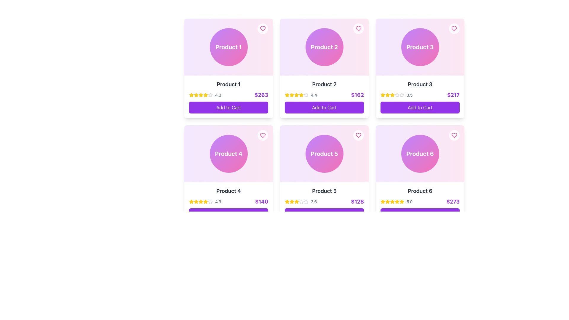  Describe the element at coordinates (392, 201) in the screenshot. I see `the filled yellow star icon located in the bottom-center section of the Product 6 card, to the left of the numerical rating value` at that location.